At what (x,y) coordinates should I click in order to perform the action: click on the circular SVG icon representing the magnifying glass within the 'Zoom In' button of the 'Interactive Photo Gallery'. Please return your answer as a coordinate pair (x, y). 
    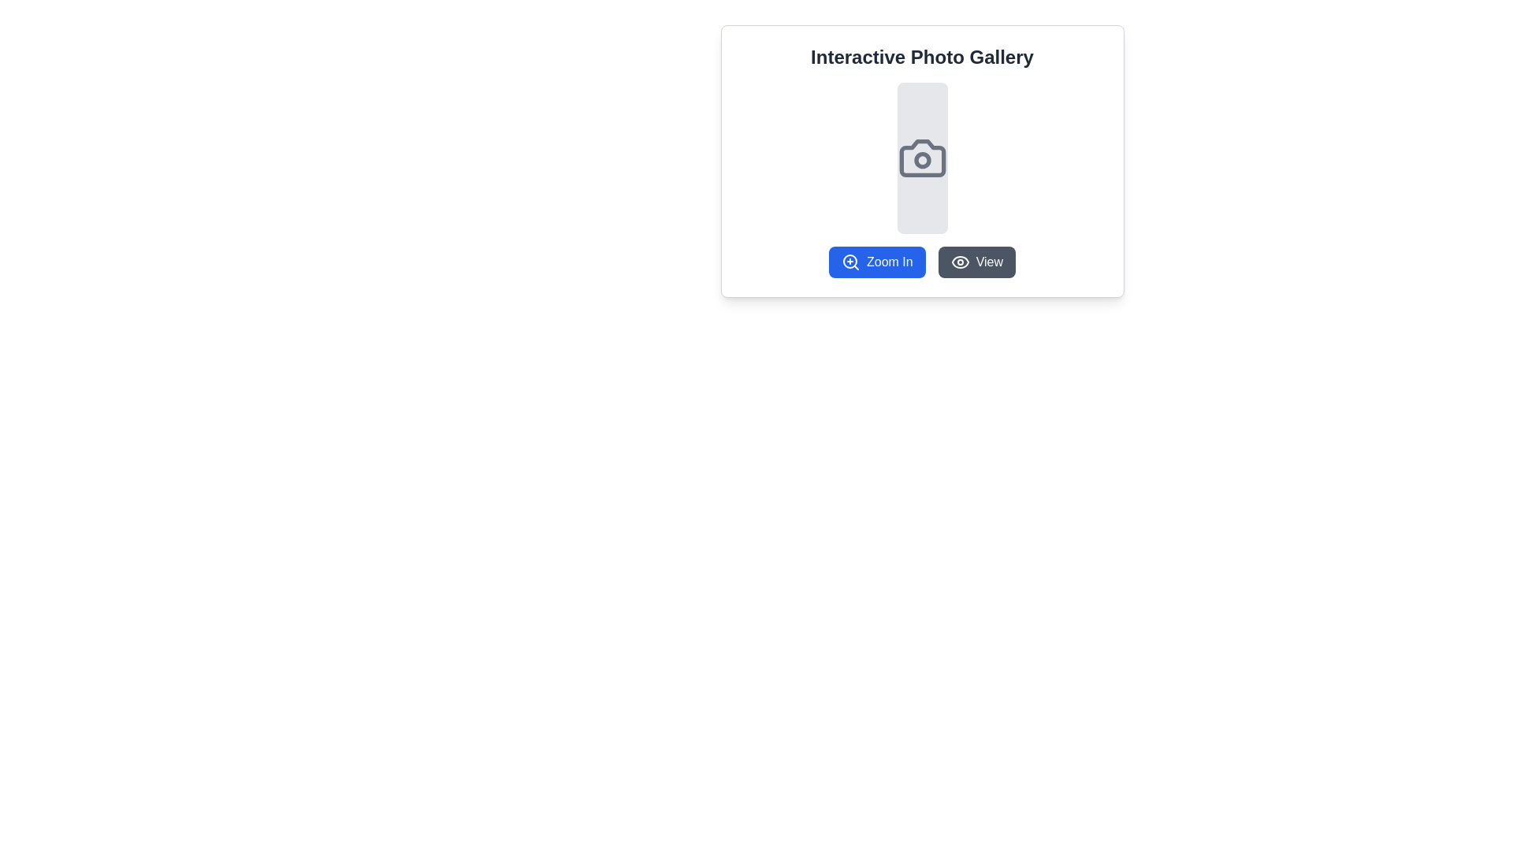
    Looking at the image, I should click on (849, 260).